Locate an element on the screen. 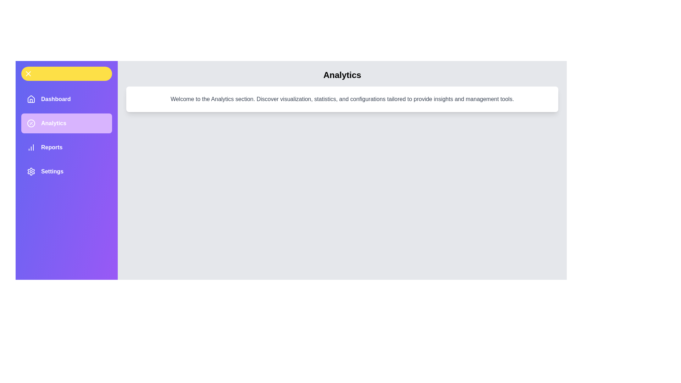 The height and width of the screenshot is (383, 681). the menu item labeled Analytics to observe its hover effect is located at coordinates (66, 123).